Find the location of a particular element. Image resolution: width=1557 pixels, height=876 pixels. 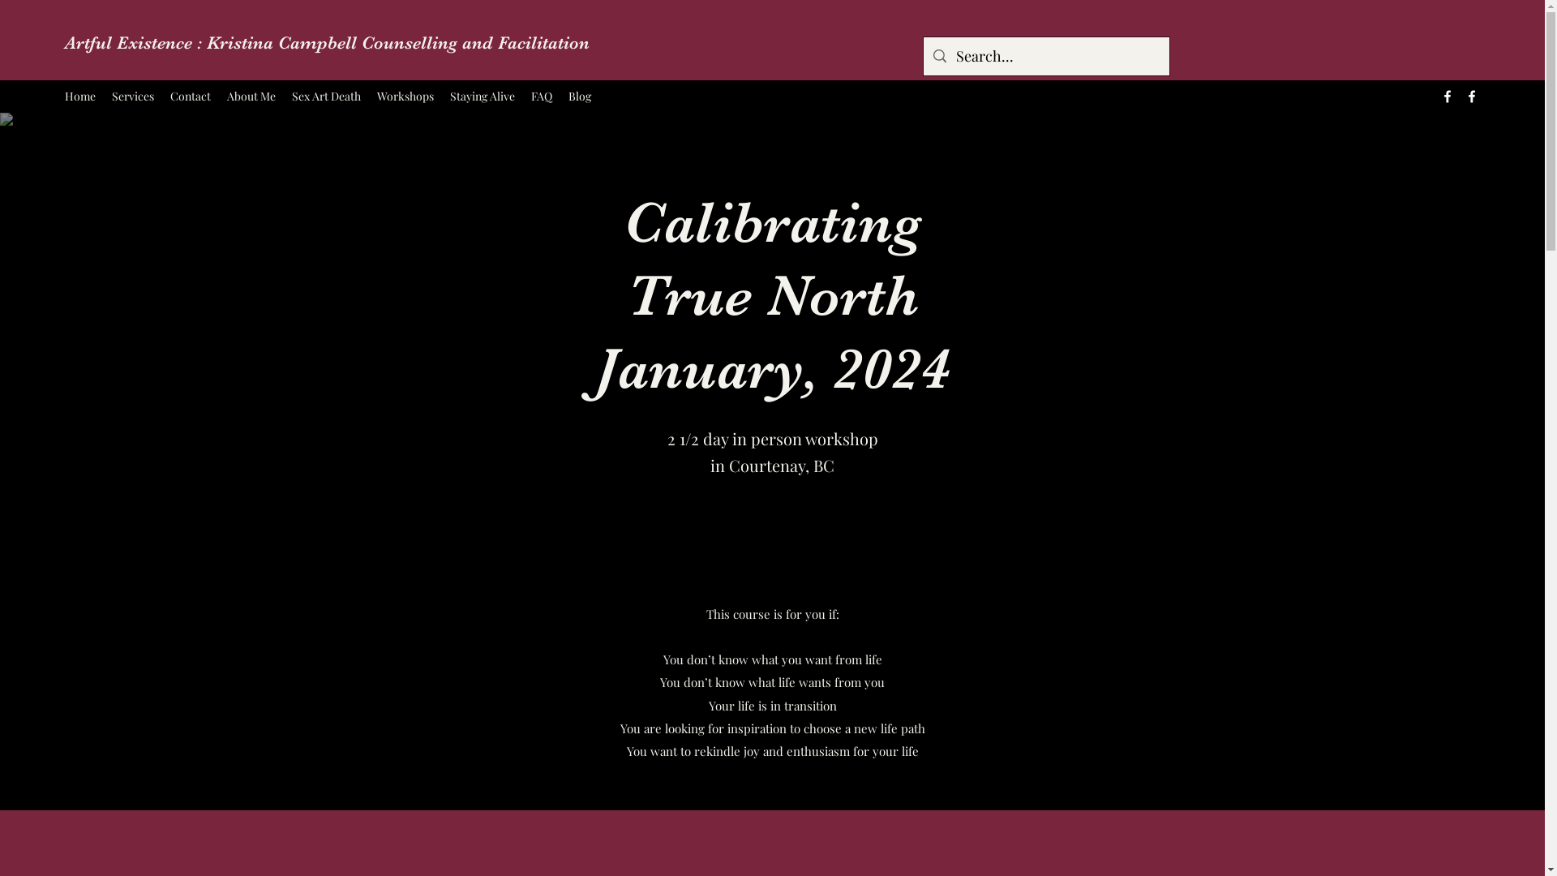

'Sex Art Death' is located at coordinates (325, 97).